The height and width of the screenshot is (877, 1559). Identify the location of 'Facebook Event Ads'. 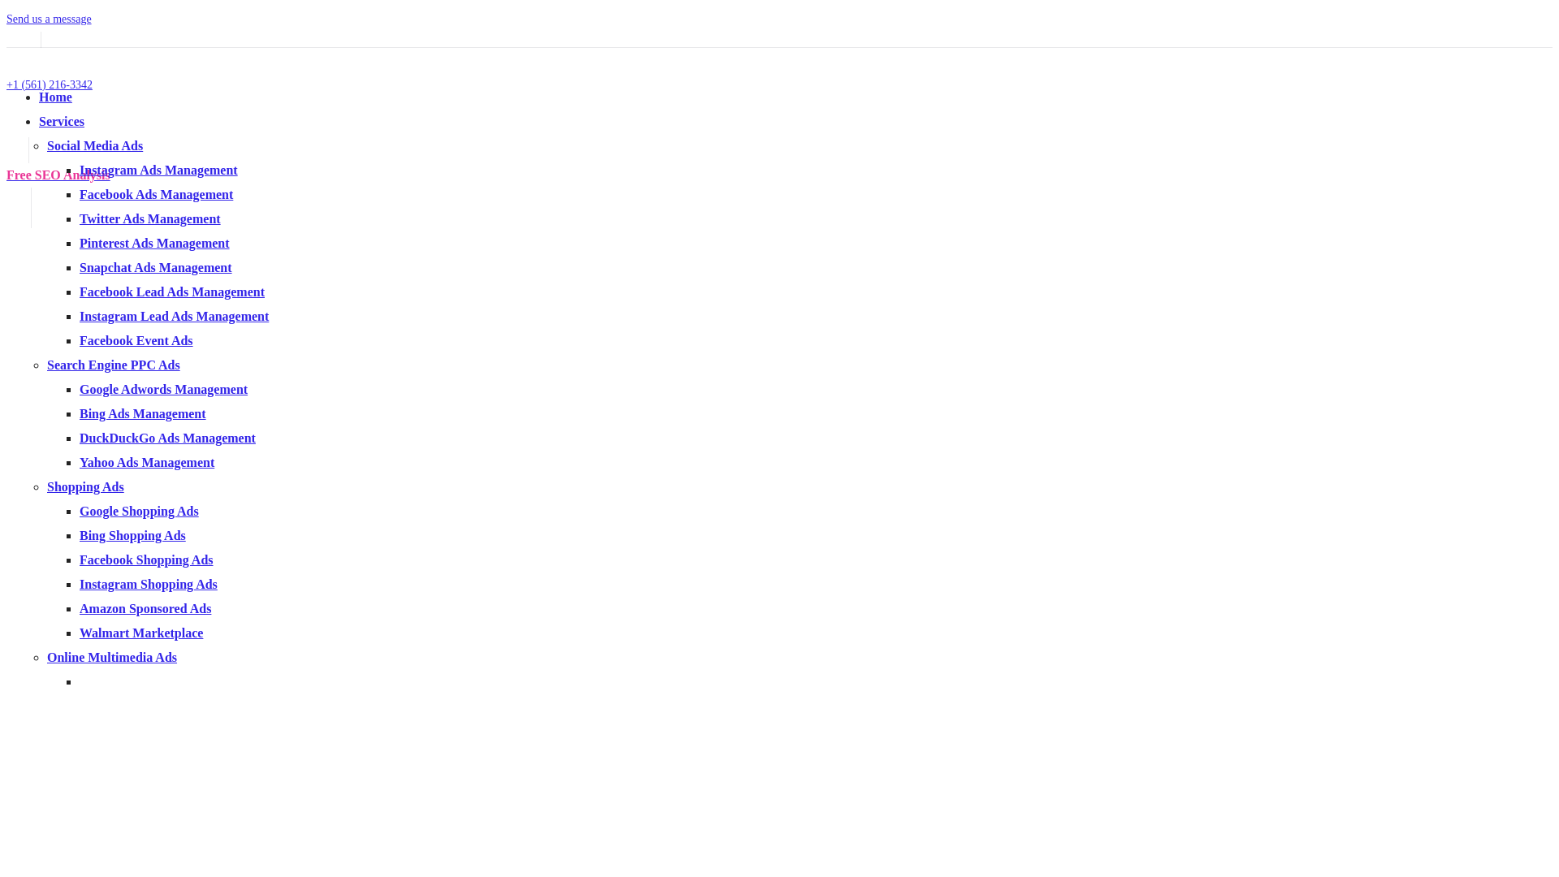
(136, 339).